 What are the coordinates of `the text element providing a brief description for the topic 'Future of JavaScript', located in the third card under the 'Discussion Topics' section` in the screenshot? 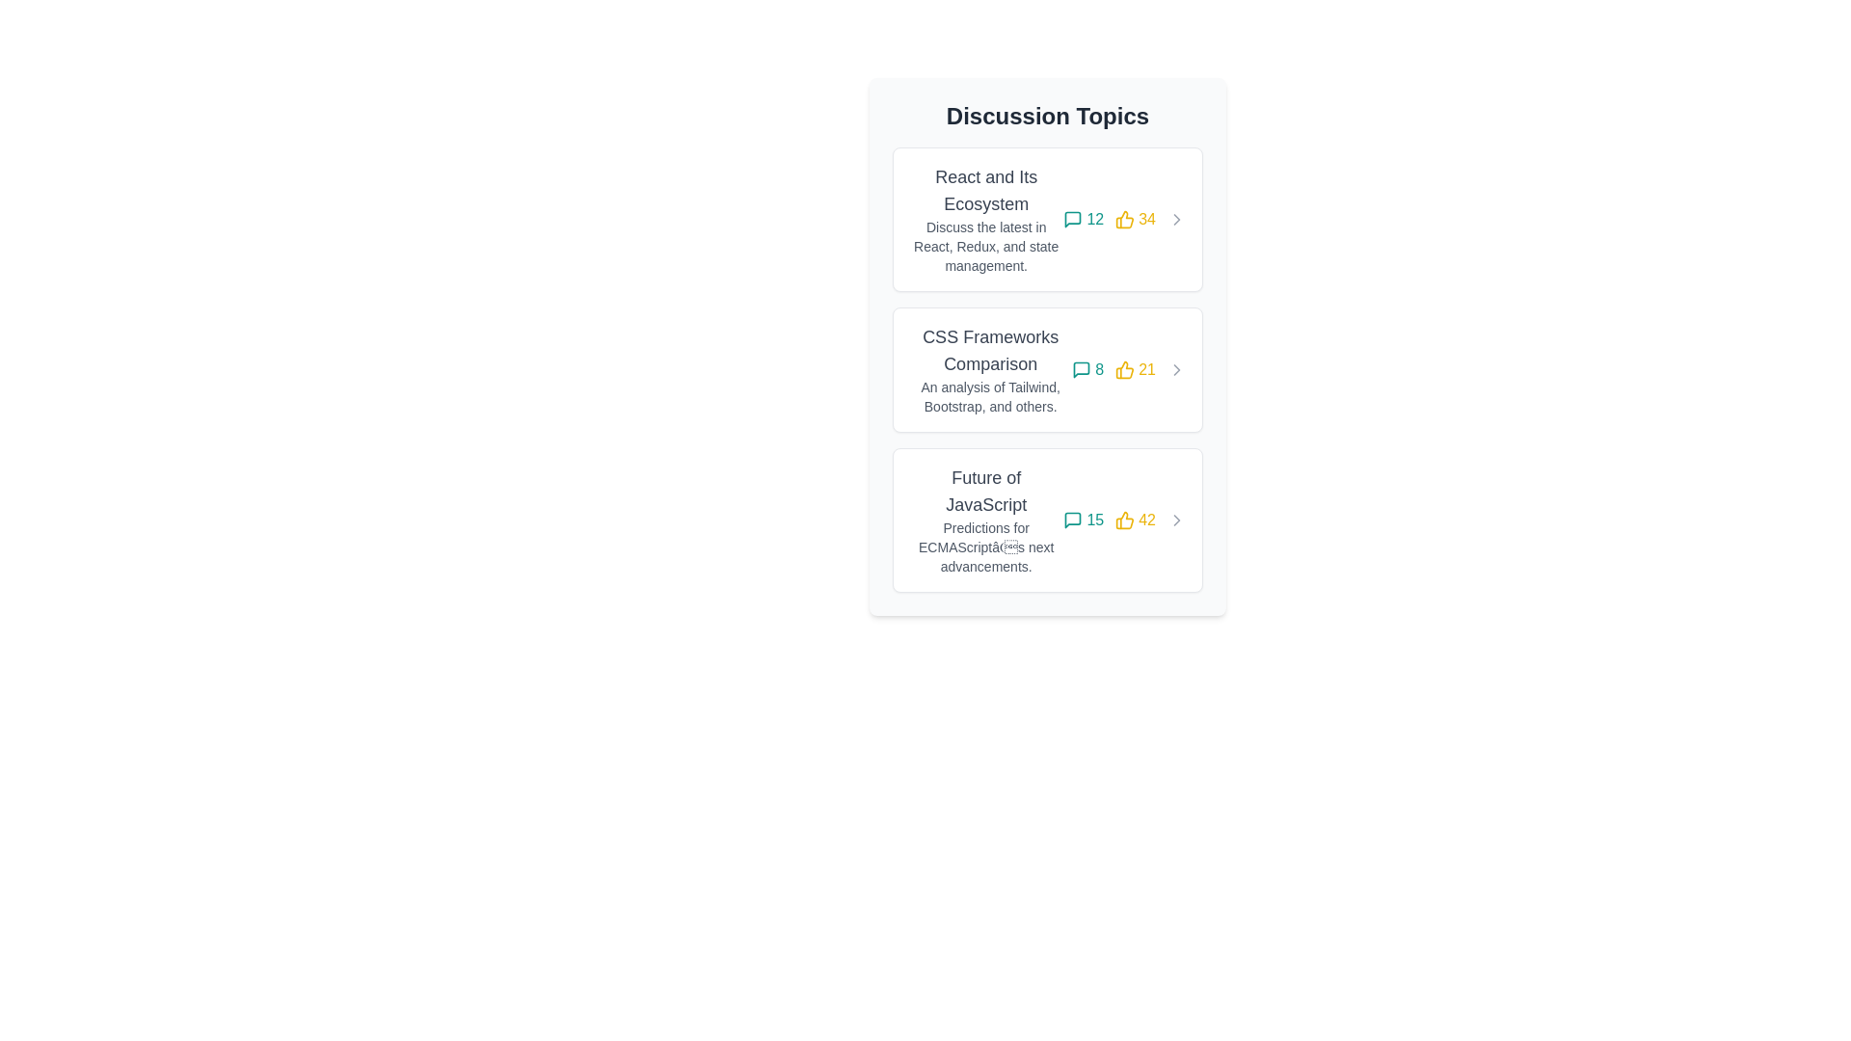 It's located at (986, 547).